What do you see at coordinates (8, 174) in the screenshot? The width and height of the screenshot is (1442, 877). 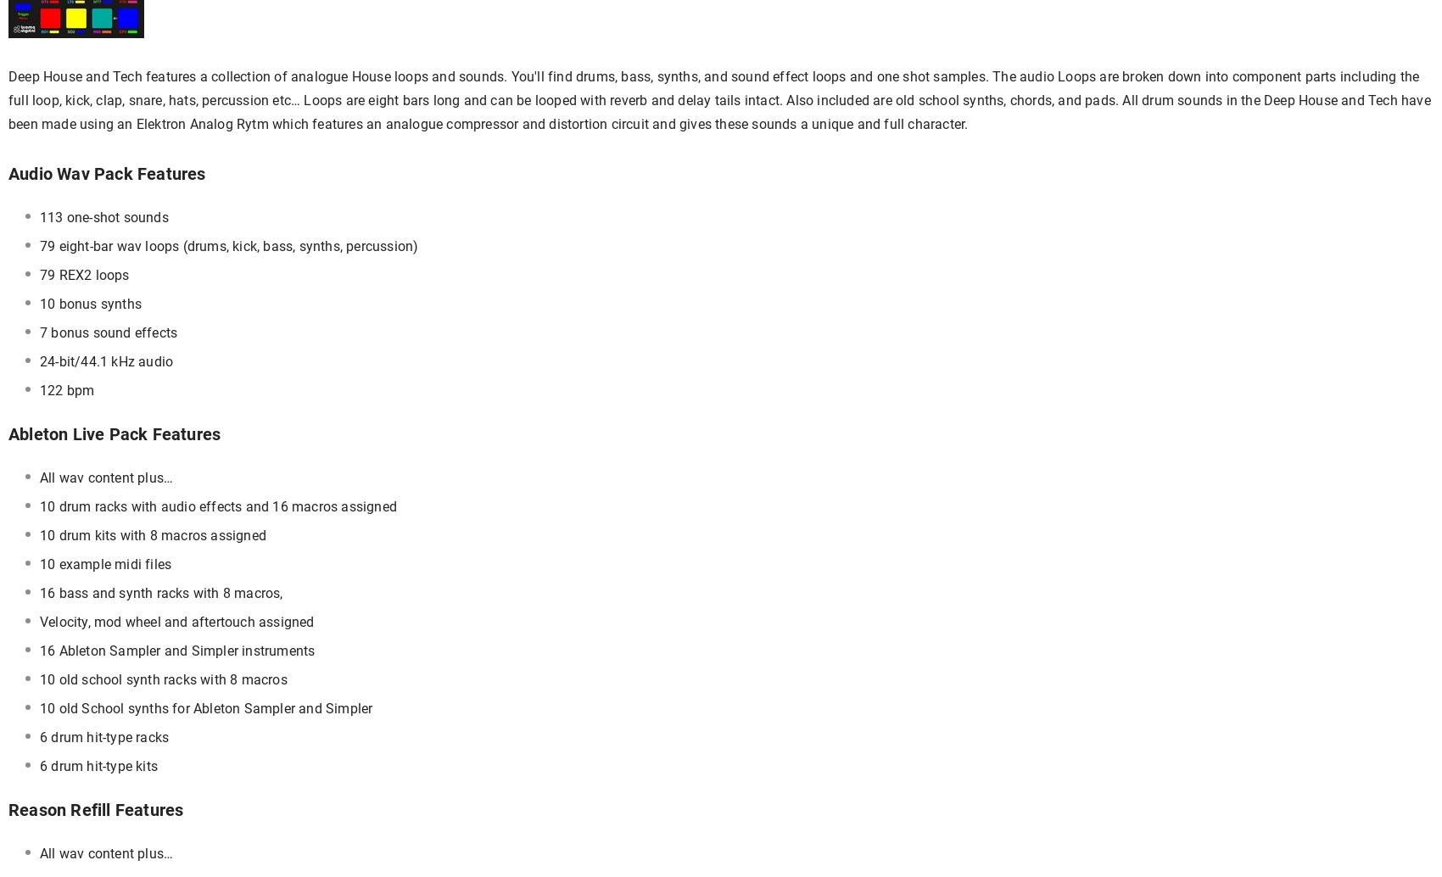 I see `'Audio Wav Pack Features'` at bounding box center [8, 174].